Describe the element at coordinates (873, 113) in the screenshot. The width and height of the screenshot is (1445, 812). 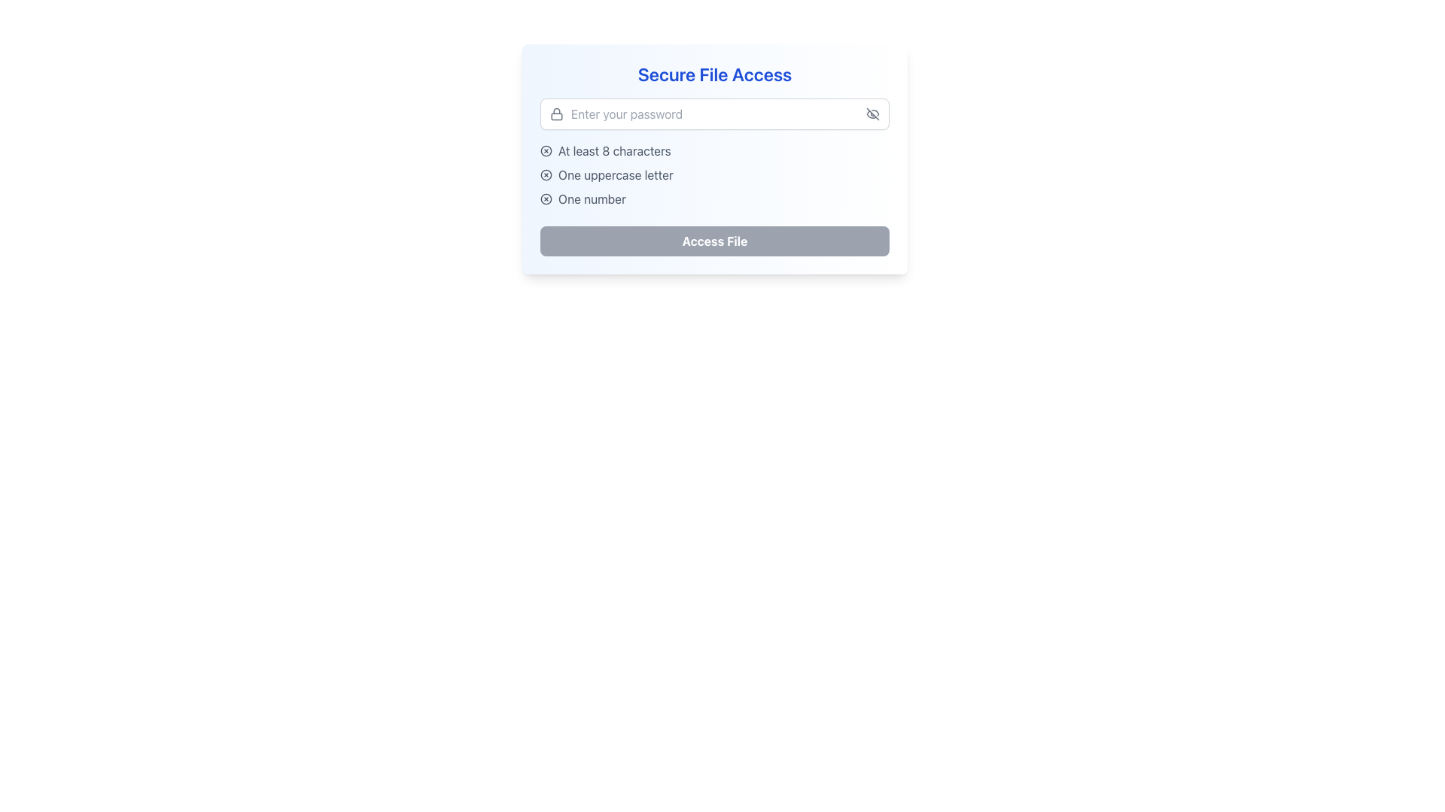
I see `the password visibility toggle icon button located at the far right of the password input field` at that location.